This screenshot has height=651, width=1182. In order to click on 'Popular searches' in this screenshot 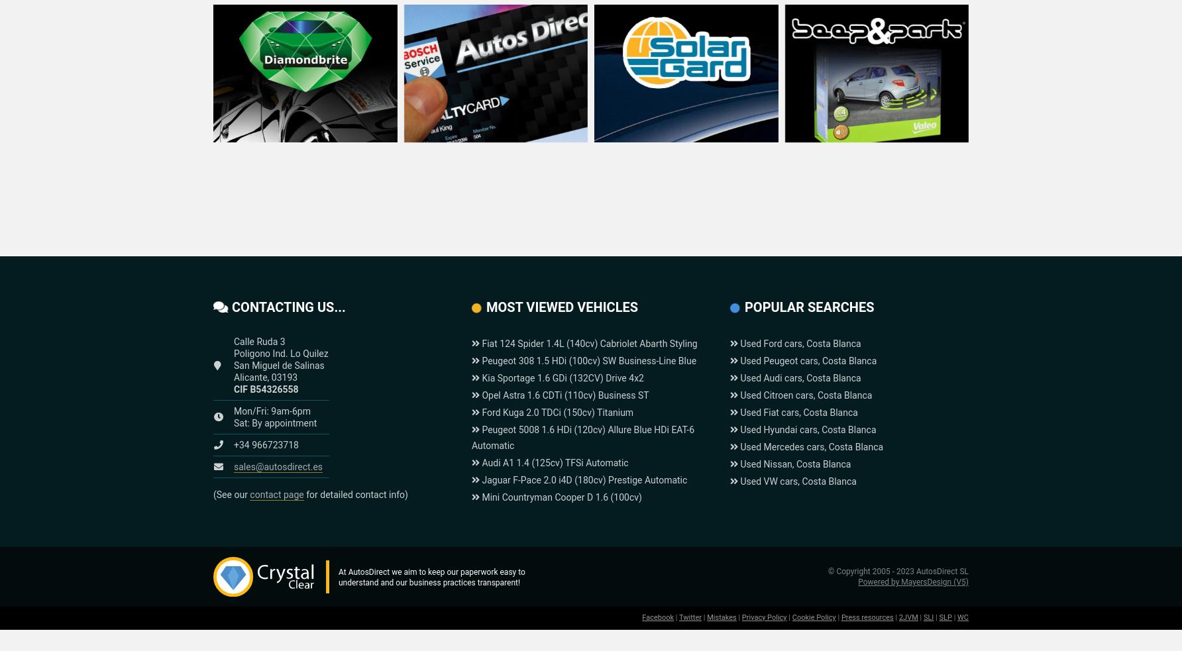, I will do `click(807, 306)`.